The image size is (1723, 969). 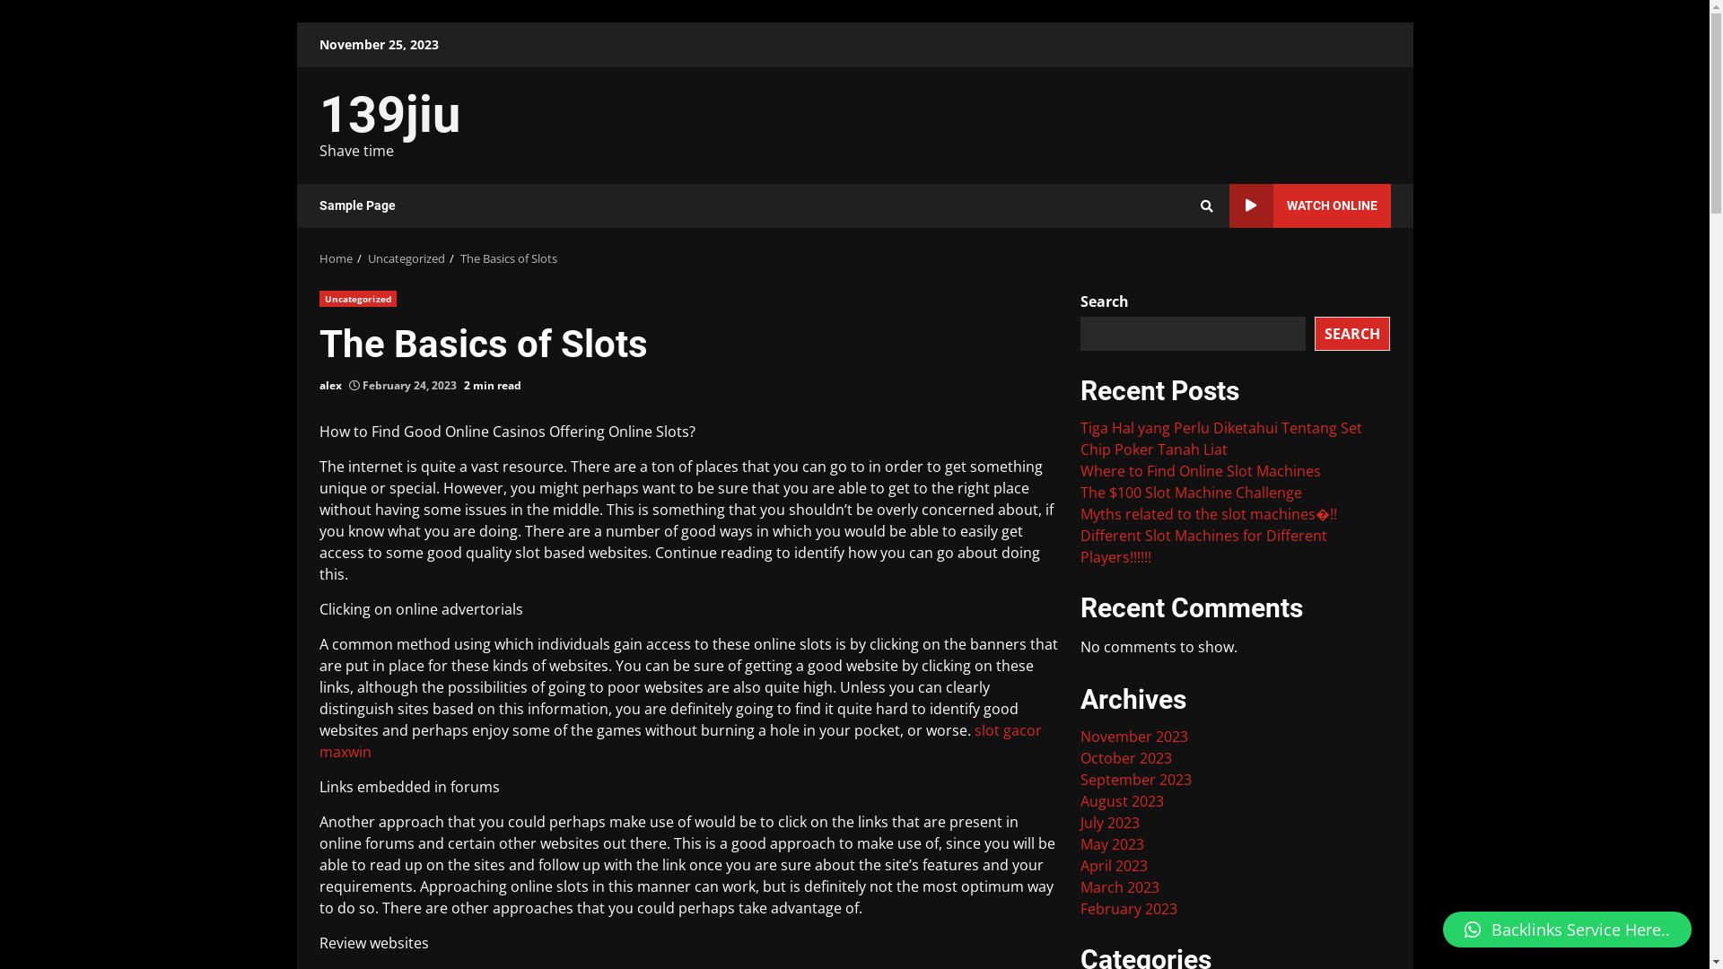 What do you see at coordinates (1314, 332) in the screenshot?
I see `'SEARCH'` at bounding box center [1314, 332].